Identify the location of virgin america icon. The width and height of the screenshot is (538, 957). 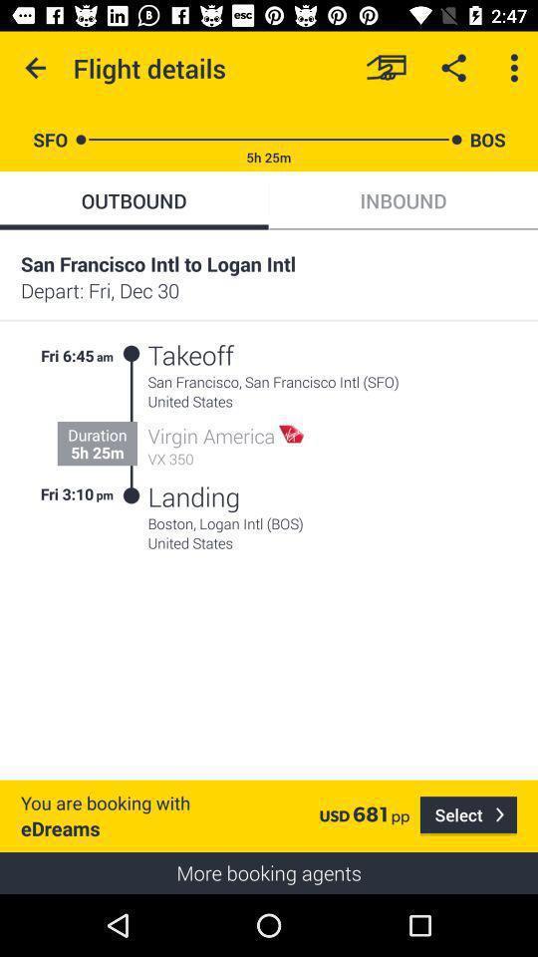
(210, 436).